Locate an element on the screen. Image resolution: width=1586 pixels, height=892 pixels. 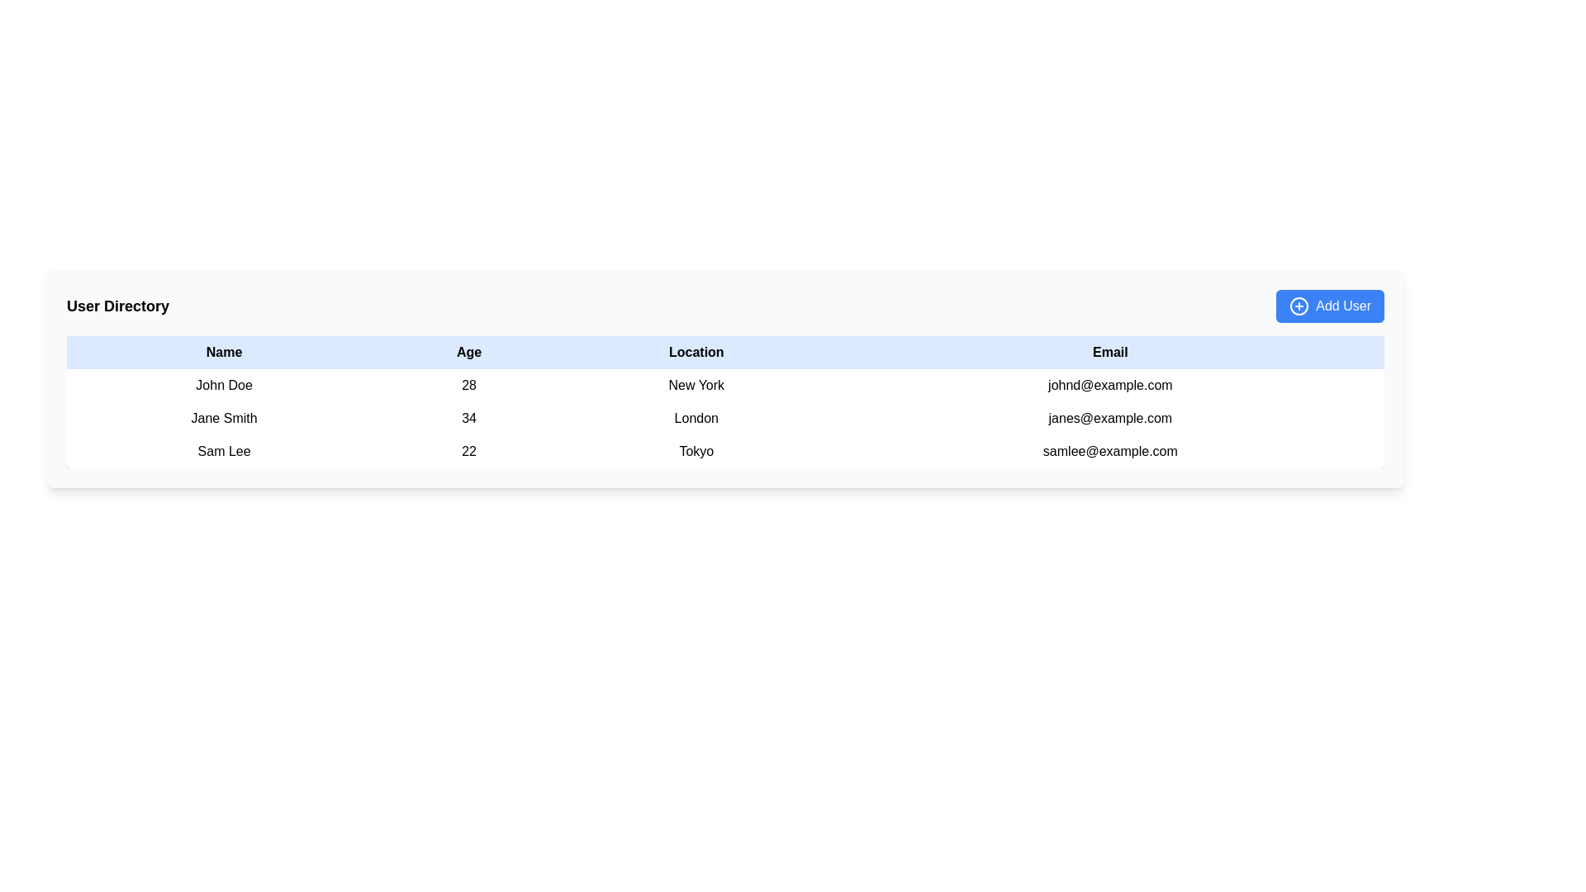
the table header labeled 'Email', which is the last column header in a user table, positioned to the right of the 'Location' header is located at coordinates (1110, 352).